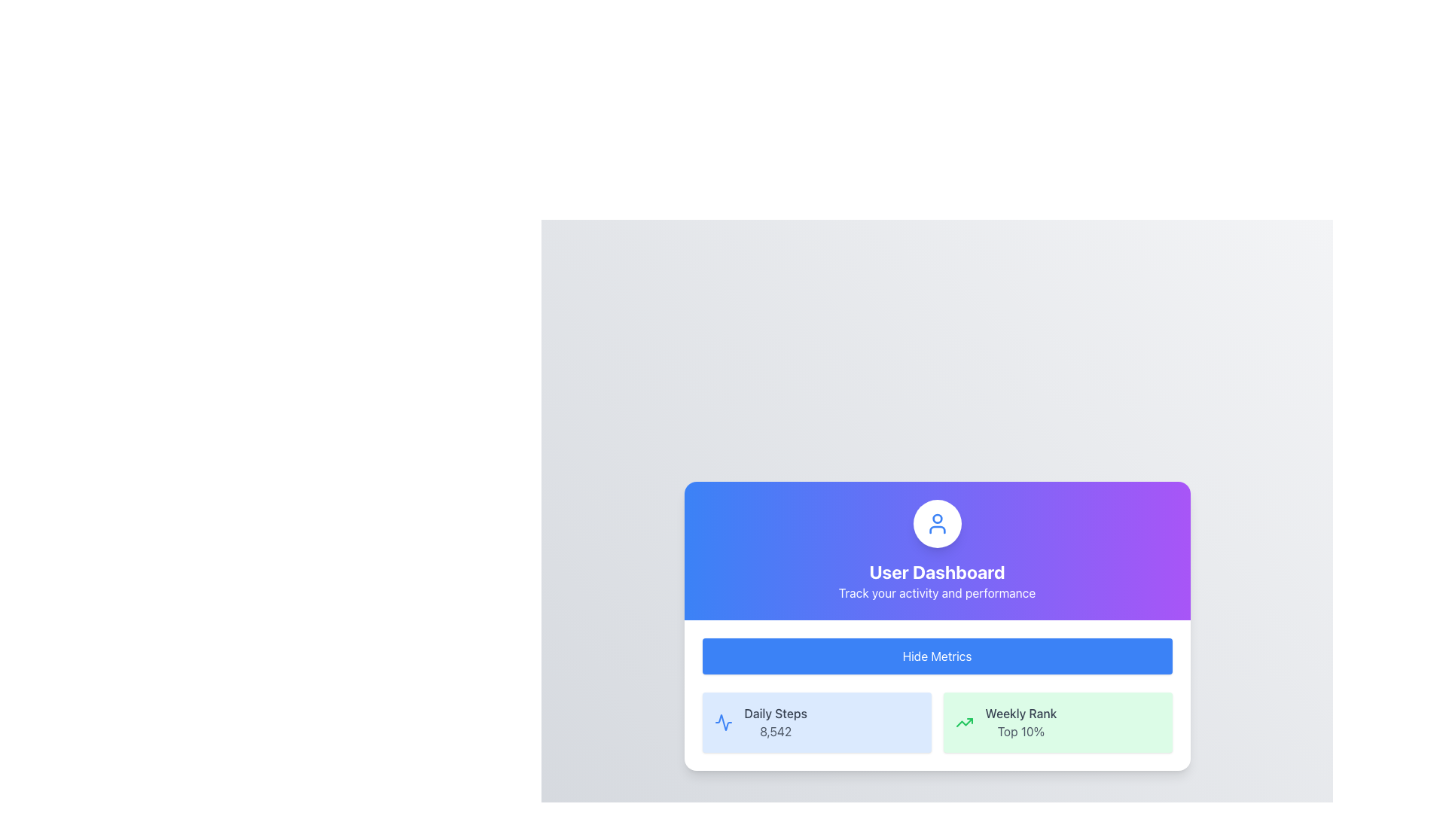 The image size is (1446, 813). Describe the element at coordinates (936, 518) in the screenshot. I see `the circular SVG element that represents a user icon, located at the top-center of the main card component` at that location.